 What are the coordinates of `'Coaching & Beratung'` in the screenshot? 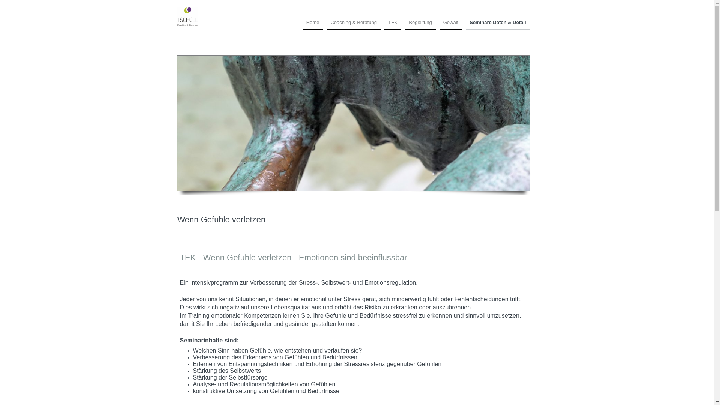 It's located at (353, 24).